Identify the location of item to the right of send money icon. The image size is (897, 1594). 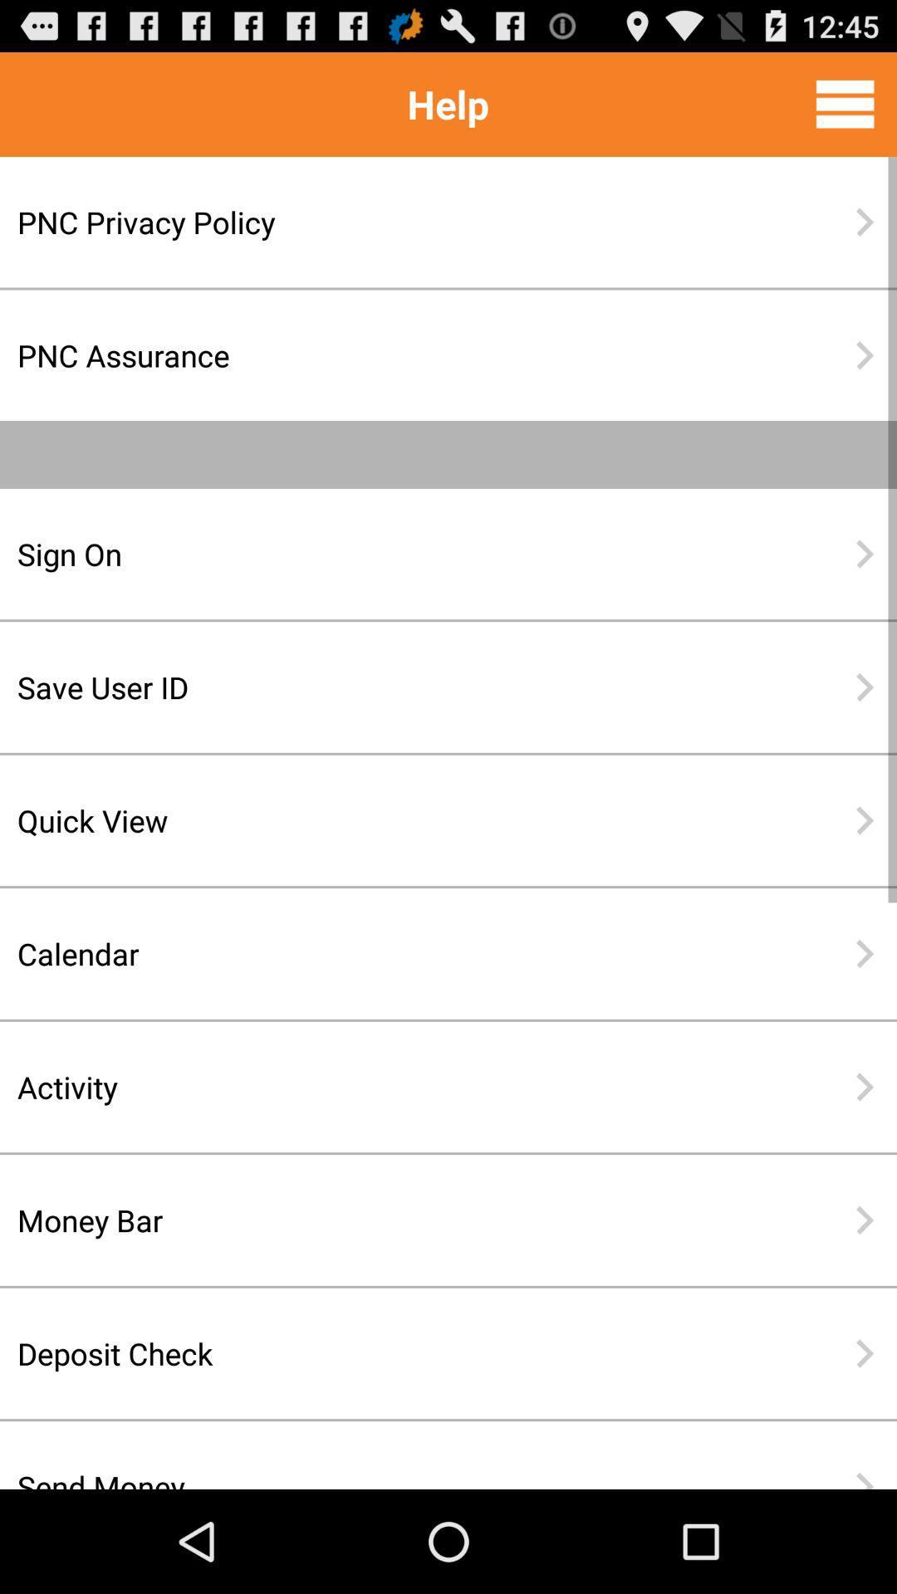
(864, 1480).